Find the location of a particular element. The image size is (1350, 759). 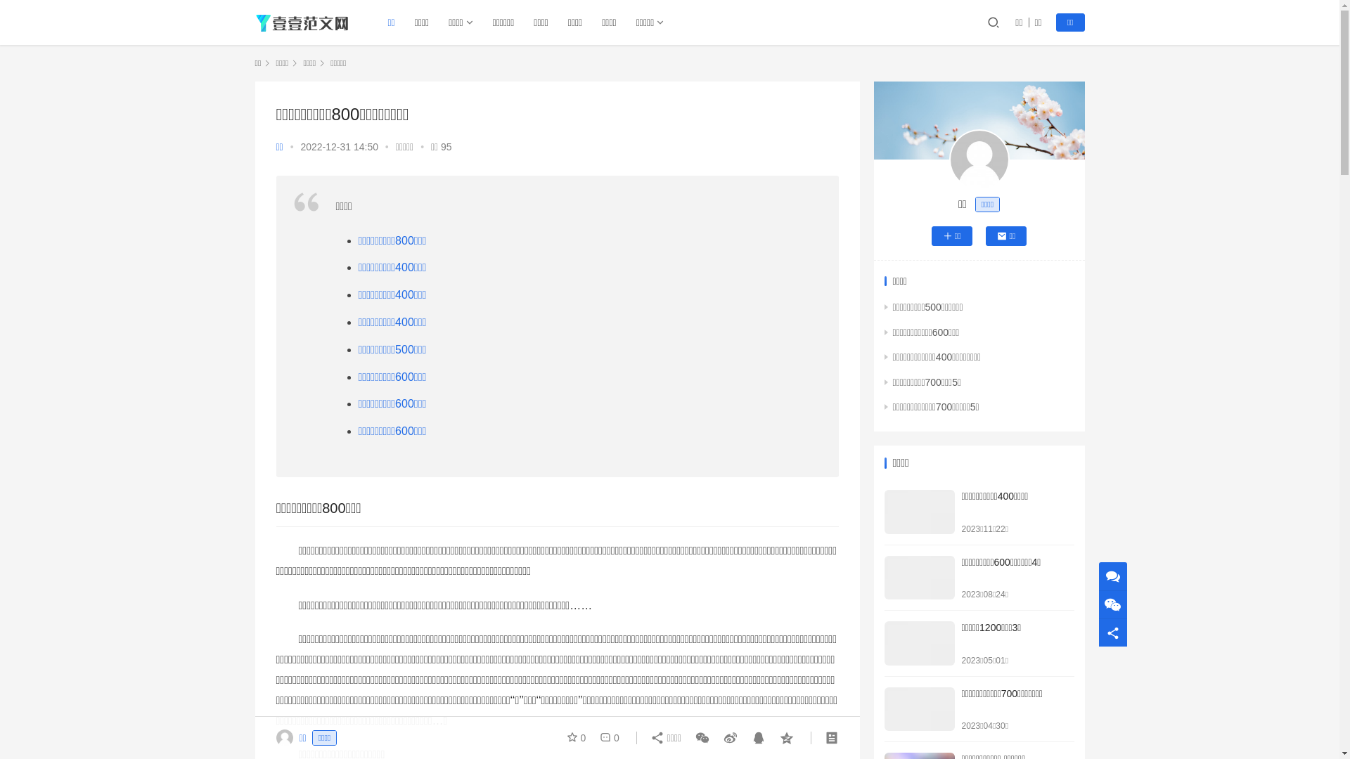

'0' is located at coordinates (593, 737).